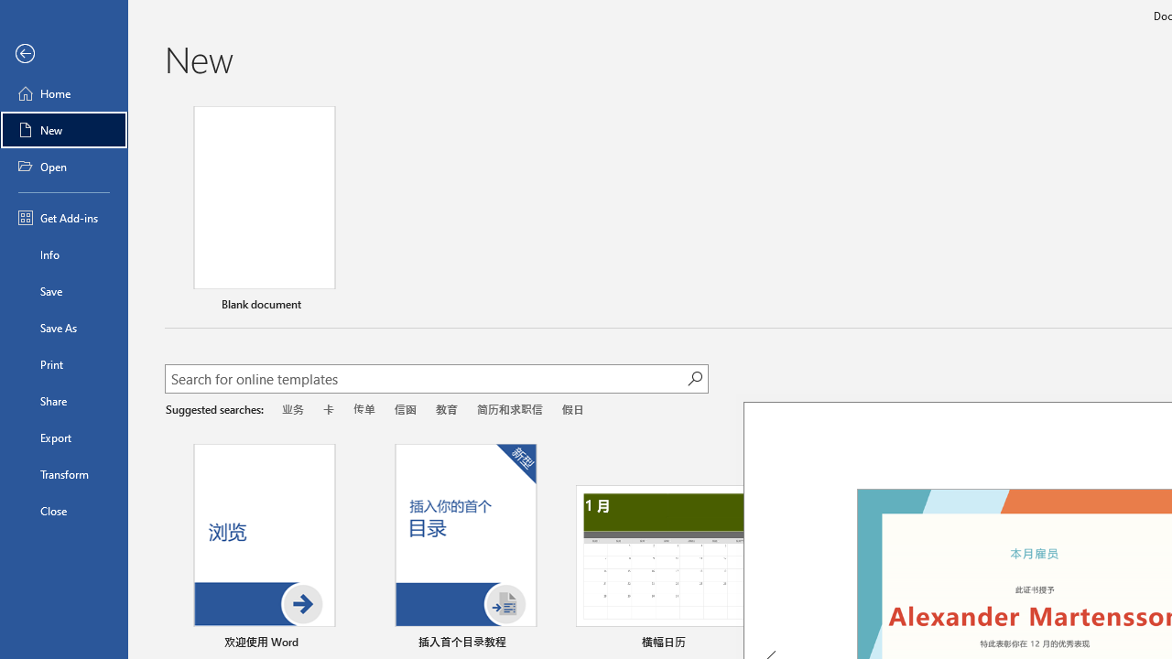 This screenshot has width=1172, height=659. I want to click on 'Print', so click(63, 364).